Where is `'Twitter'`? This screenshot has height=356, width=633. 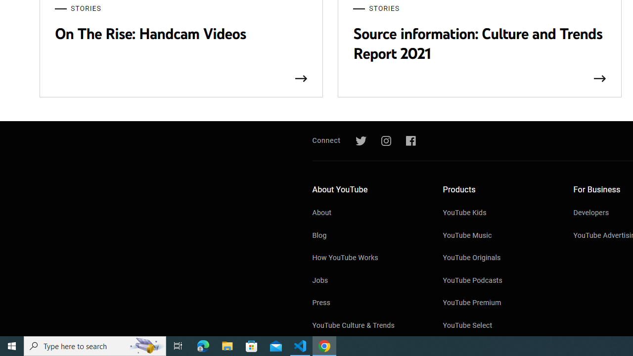 'Twitter' is located at coordinates (360, 141).